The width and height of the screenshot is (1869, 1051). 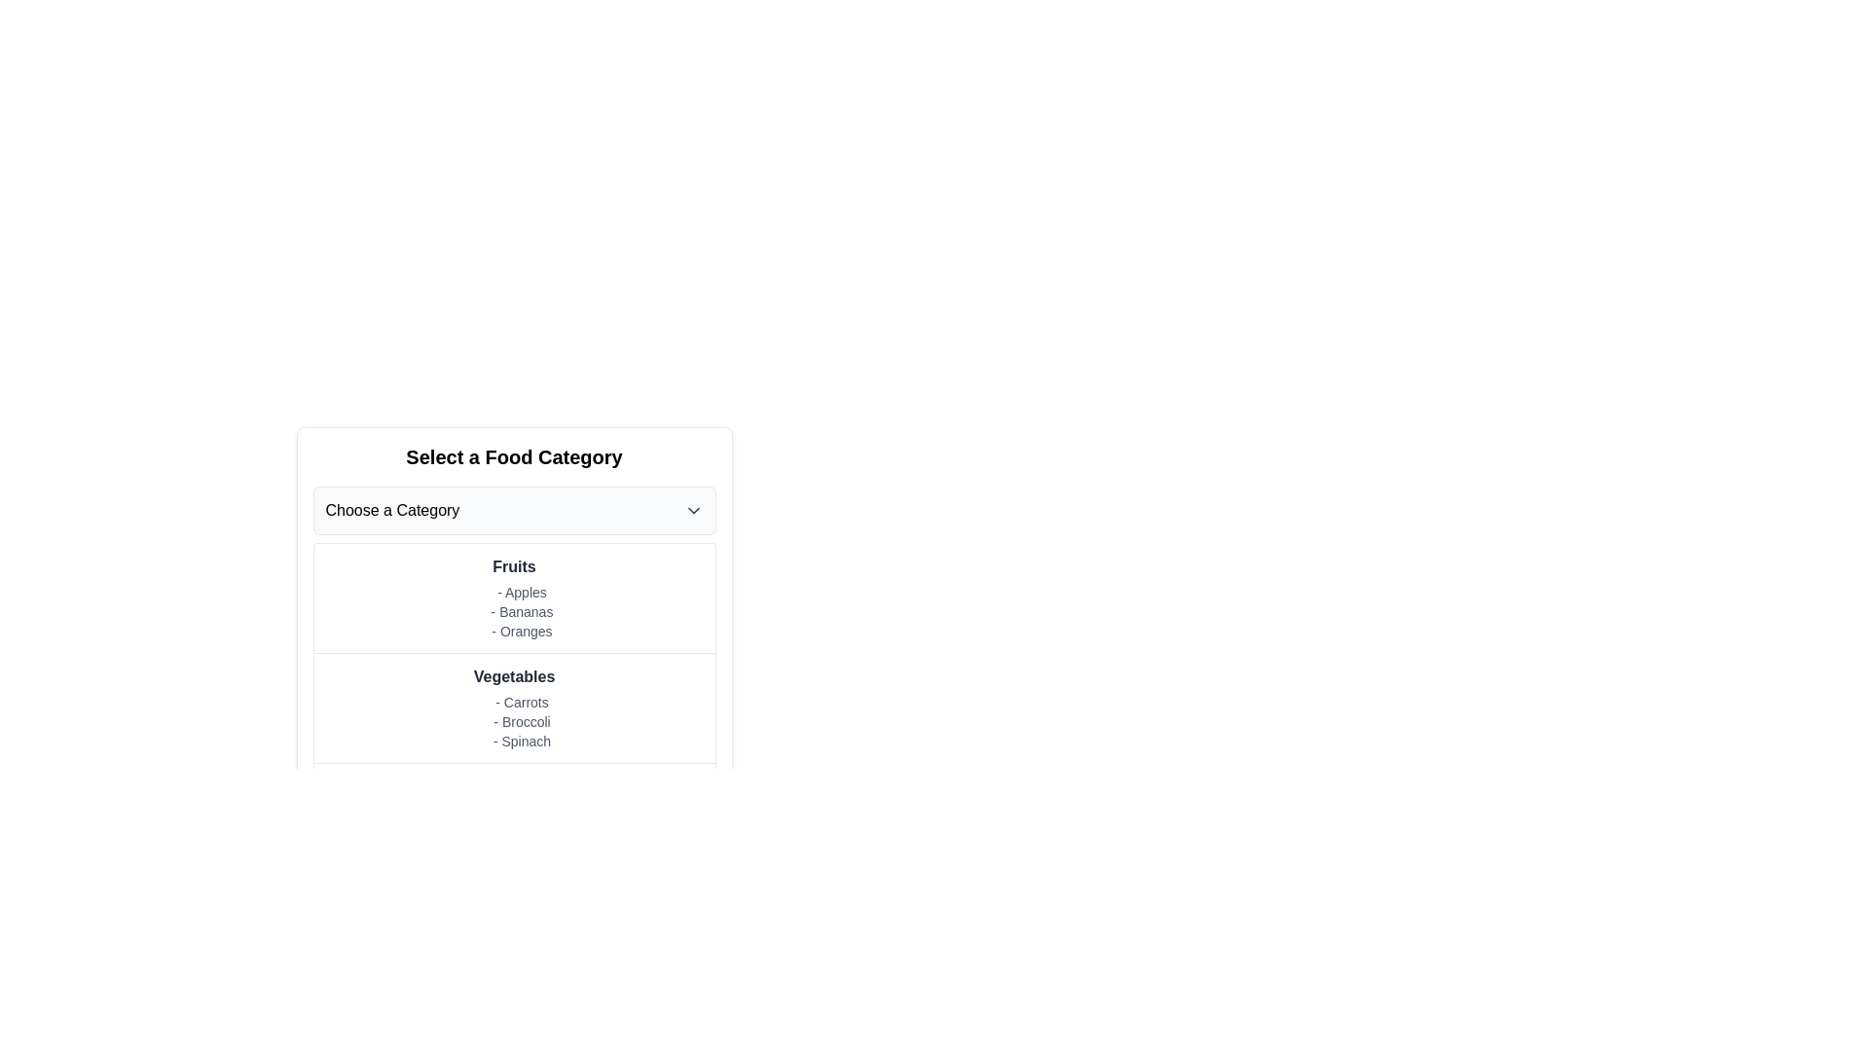 What do you see at coordinates (514, 597) in the screenshot?
I see `the Text Group labeled 'Fruits' which contains the list of items 'Apples', 'Bananas', and 'Oranges'` at bounding box center [514, 597].